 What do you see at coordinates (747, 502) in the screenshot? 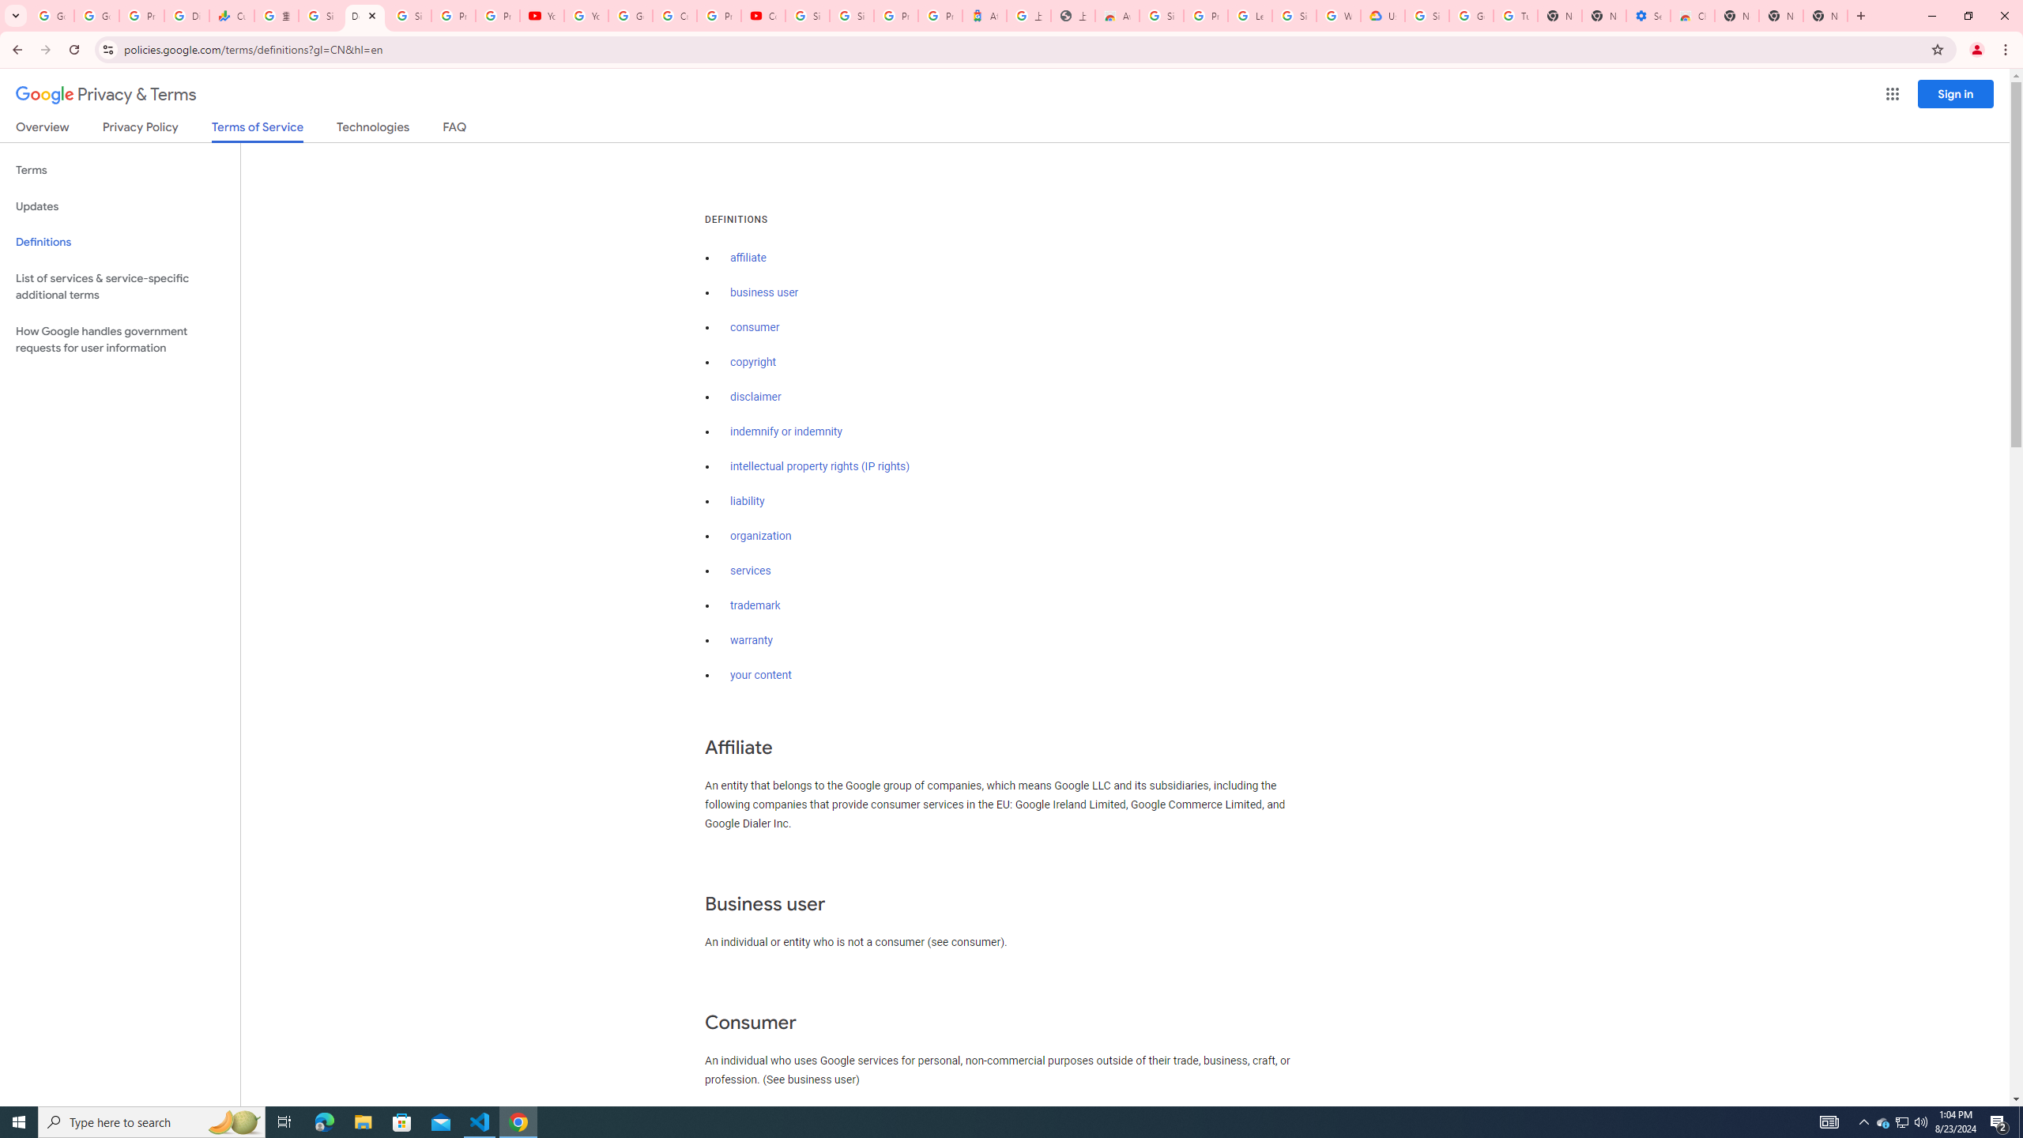
I see `'liability'` at bounding box center [747, 502].